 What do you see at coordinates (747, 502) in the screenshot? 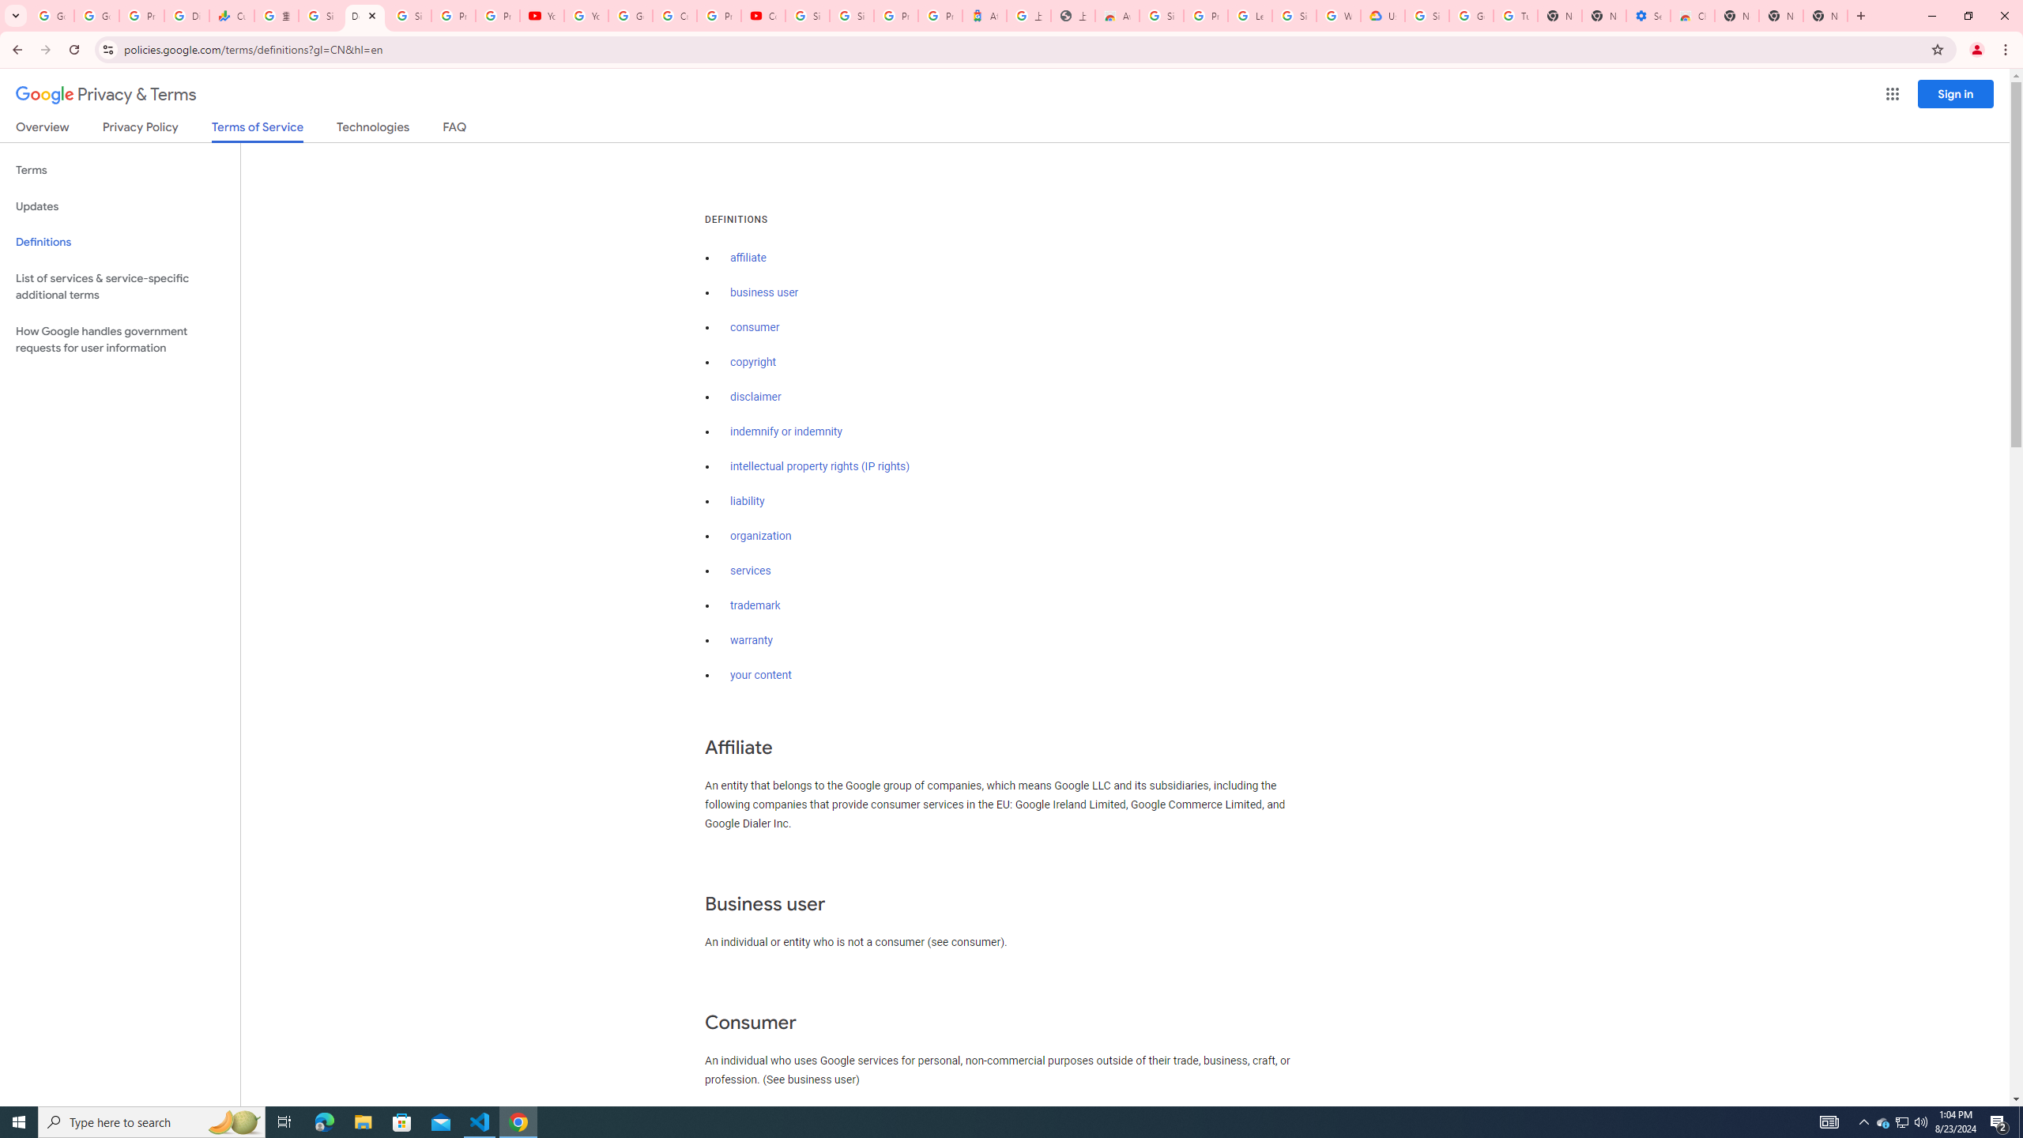
I see `'liability'` at bounding box center [747, 502].